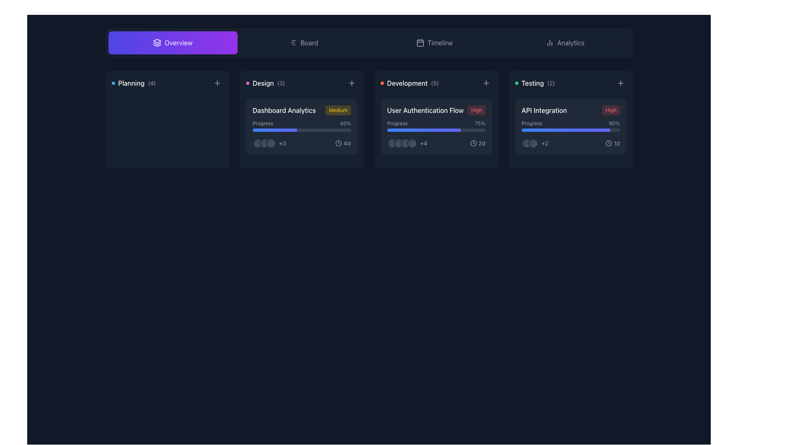 The height and width of the screenshot is (445, 792). What do you see at coordinates (262, 124) in the screenshot?
I see `the text label displaying 'Progress' in a smaller, light gray font, located within the Dashboard Analytics card, which is positioned in the Design category` at bounding box center [262, 124].